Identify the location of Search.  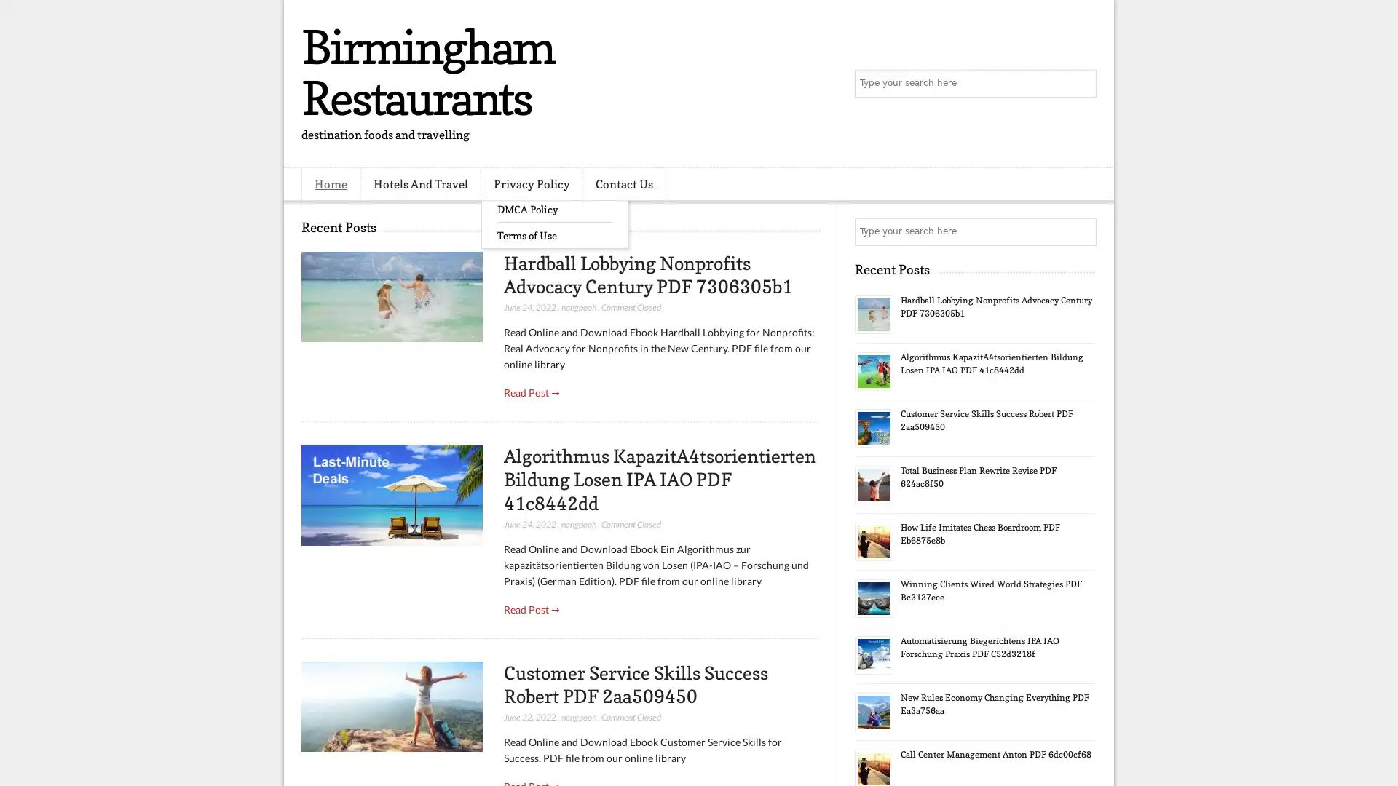
(1081, 84).